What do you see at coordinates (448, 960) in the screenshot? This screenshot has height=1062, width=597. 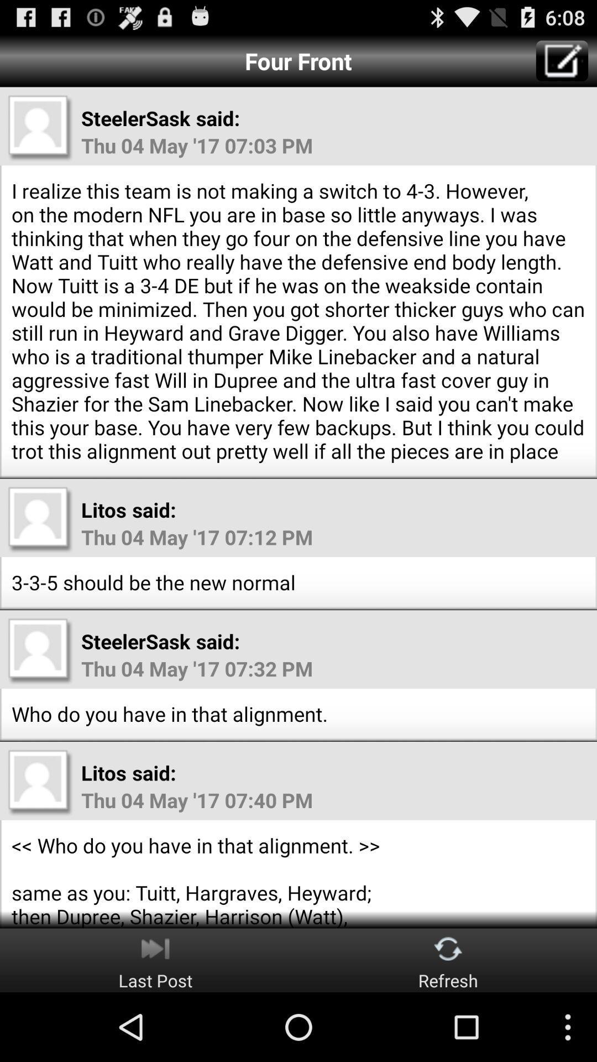 I see `icon below the who do you icon` at bounding box center [448, 960].